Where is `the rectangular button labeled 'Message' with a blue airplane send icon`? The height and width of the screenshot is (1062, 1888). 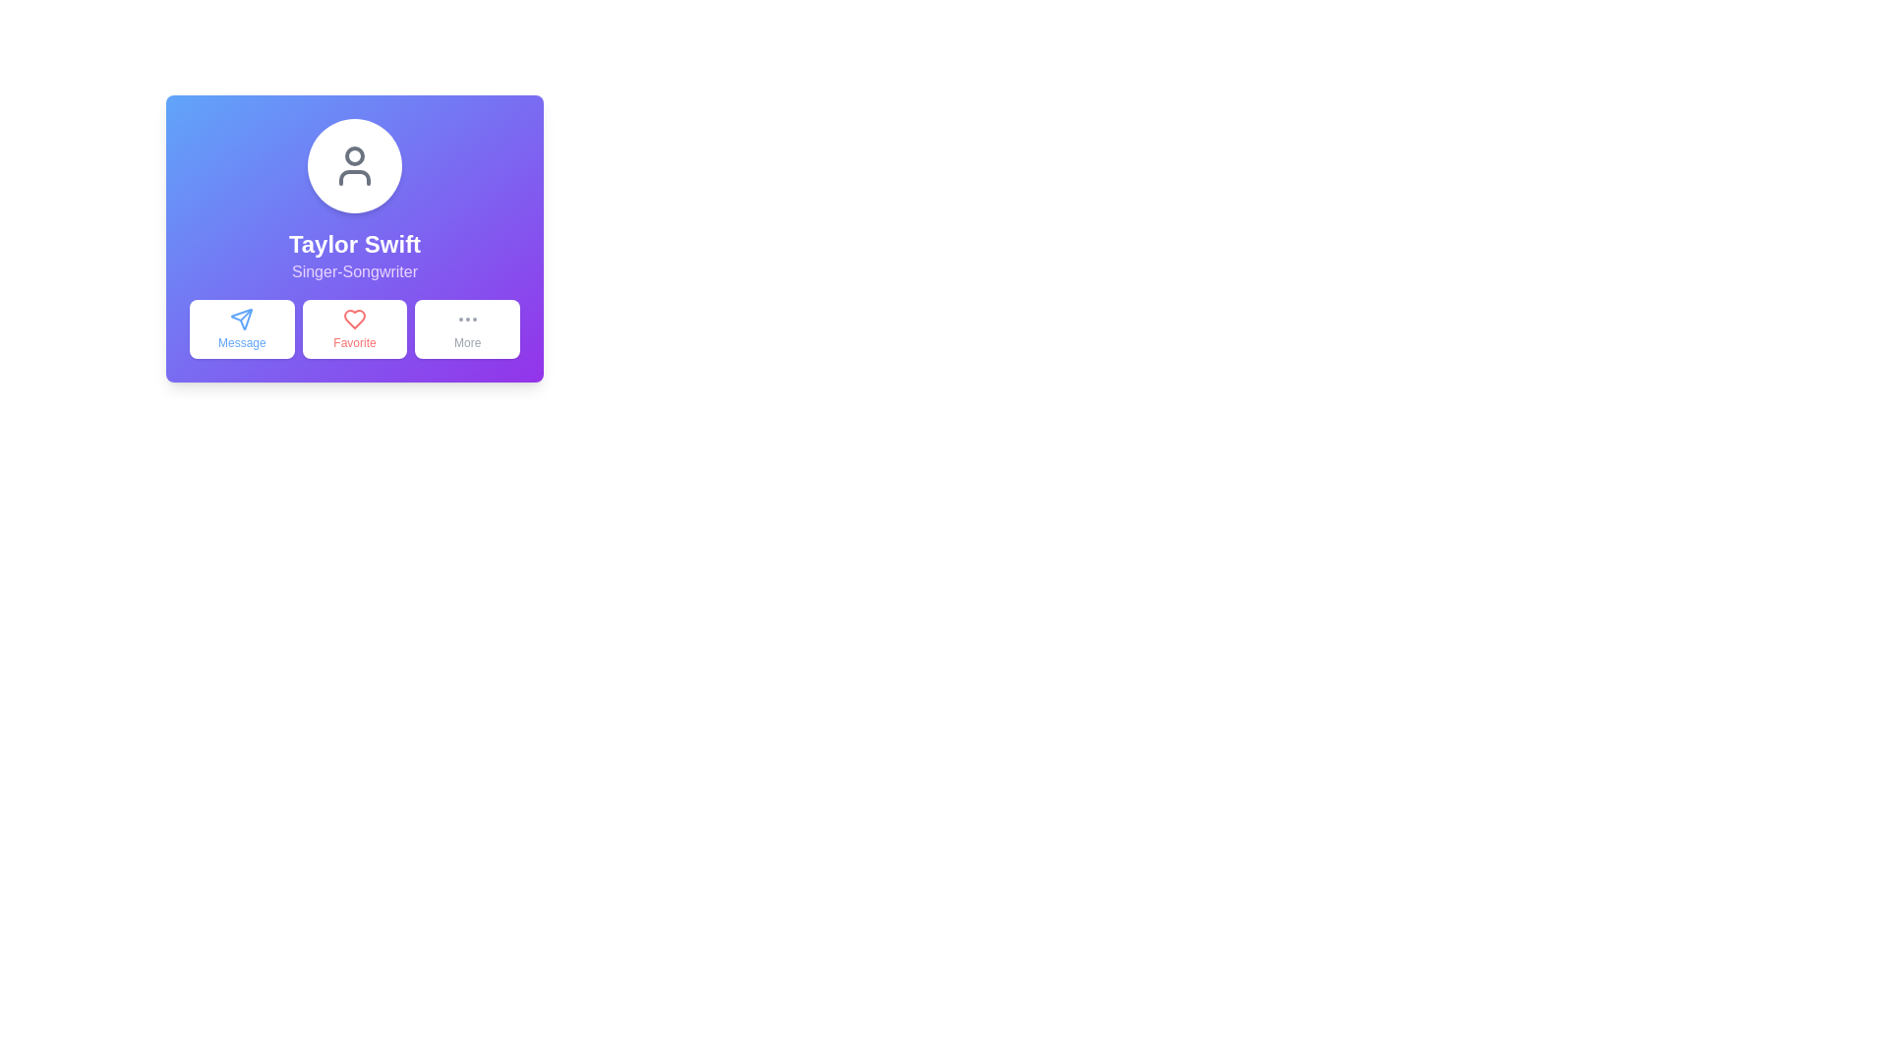
the rectangular button labeled 'Message' with a blue airplane send icon is located at coordinates (241, 328).